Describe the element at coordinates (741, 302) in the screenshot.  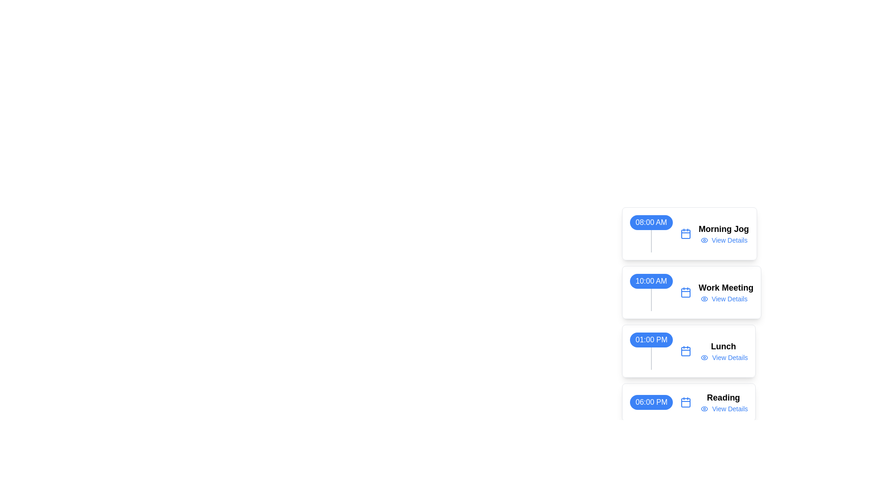
I see `the 'View Details' hyperlink located to the right of the 'Work Meeting' text` at that location.